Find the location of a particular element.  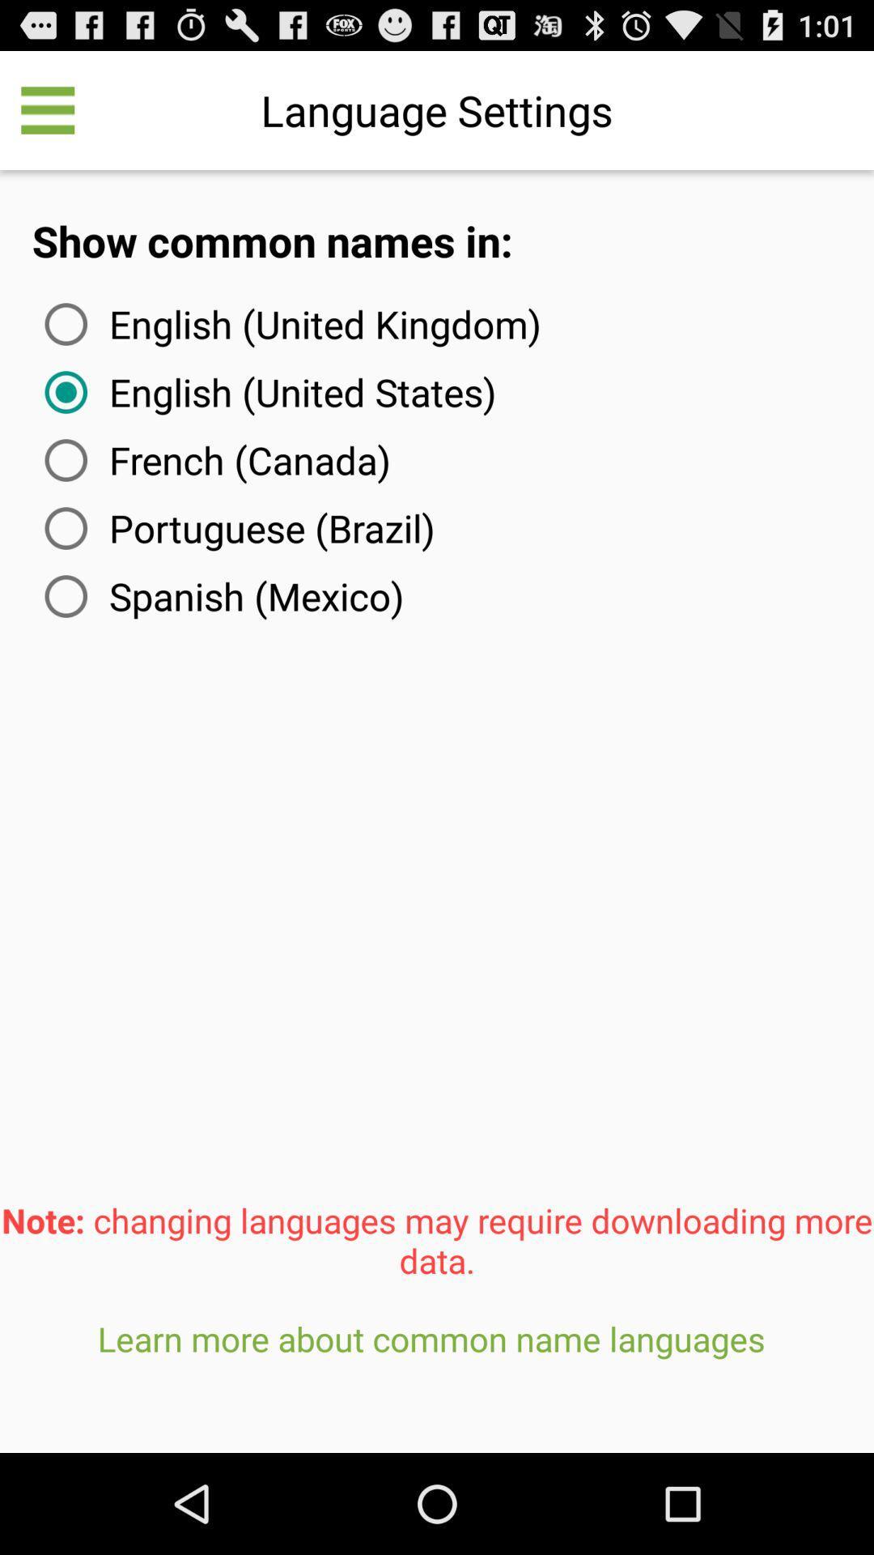

the icon below portuguese (brazil) item is located at coordinates (221, 595).